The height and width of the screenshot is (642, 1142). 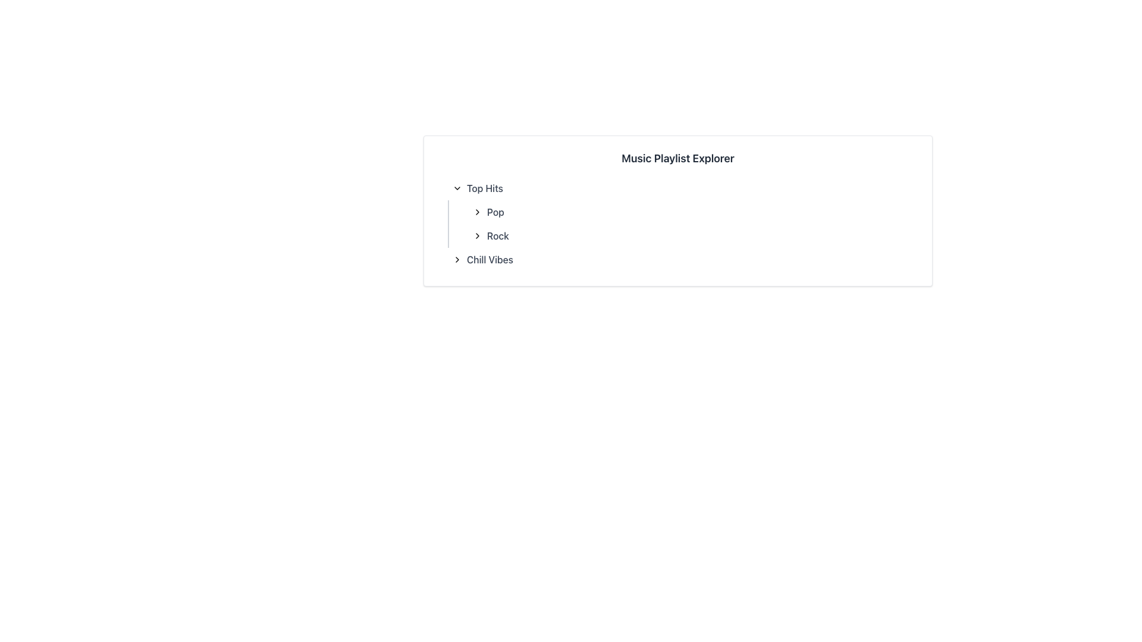 I want to click on the icon-based button located to the left of the 'Pop' text label, so click(x=477, y=212).